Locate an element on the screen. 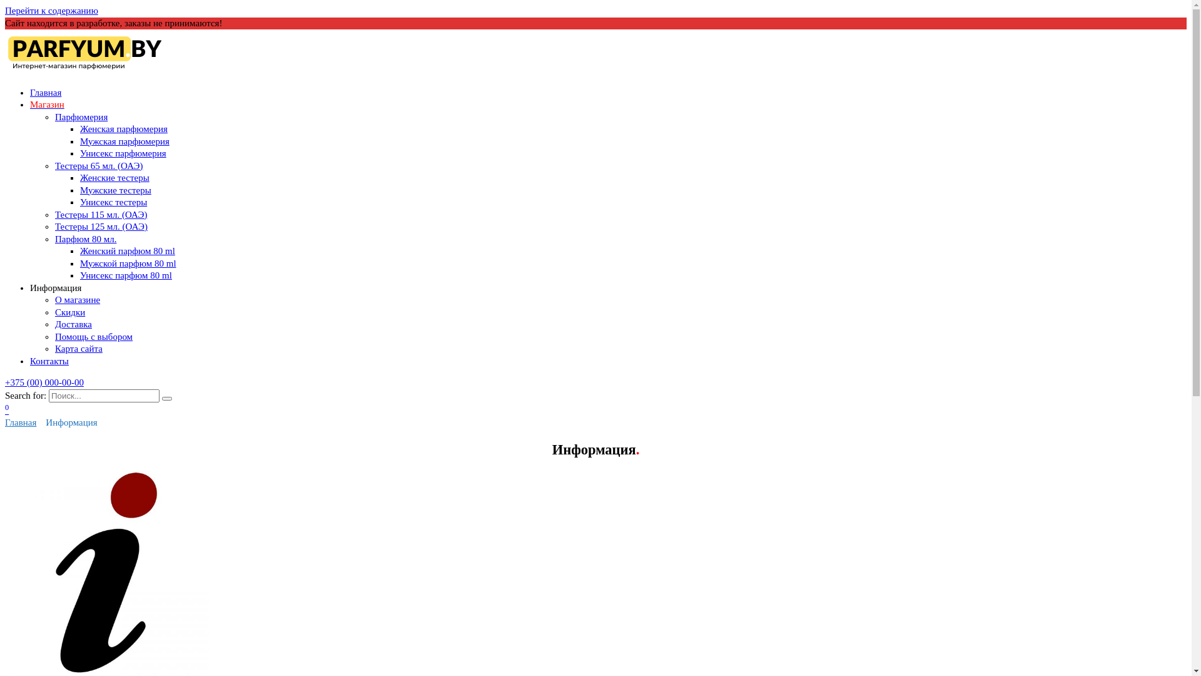  '+375 (00) 000-00-00' is located at coordinates (44, 381).